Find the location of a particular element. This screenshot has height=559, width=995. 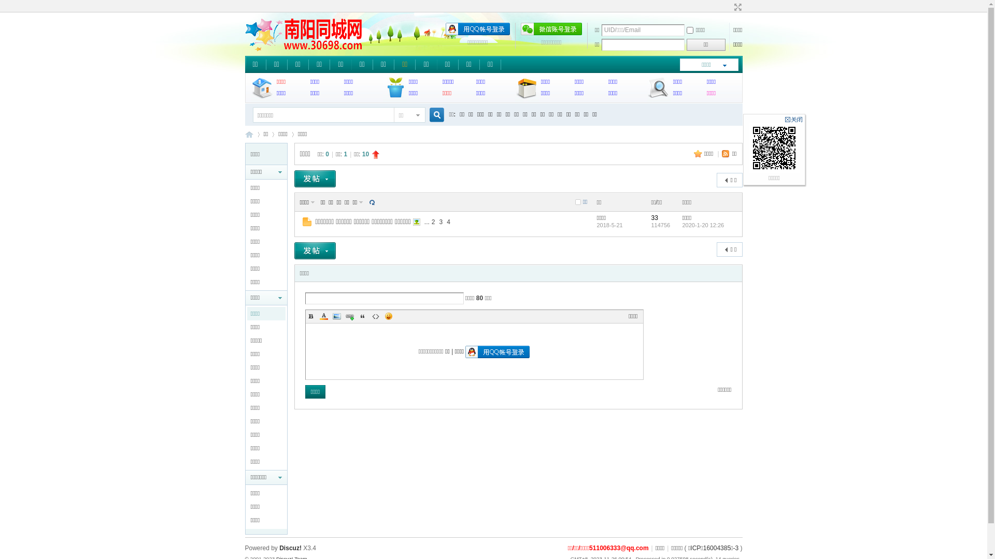

'Color' is located at coordinates (323, 315).